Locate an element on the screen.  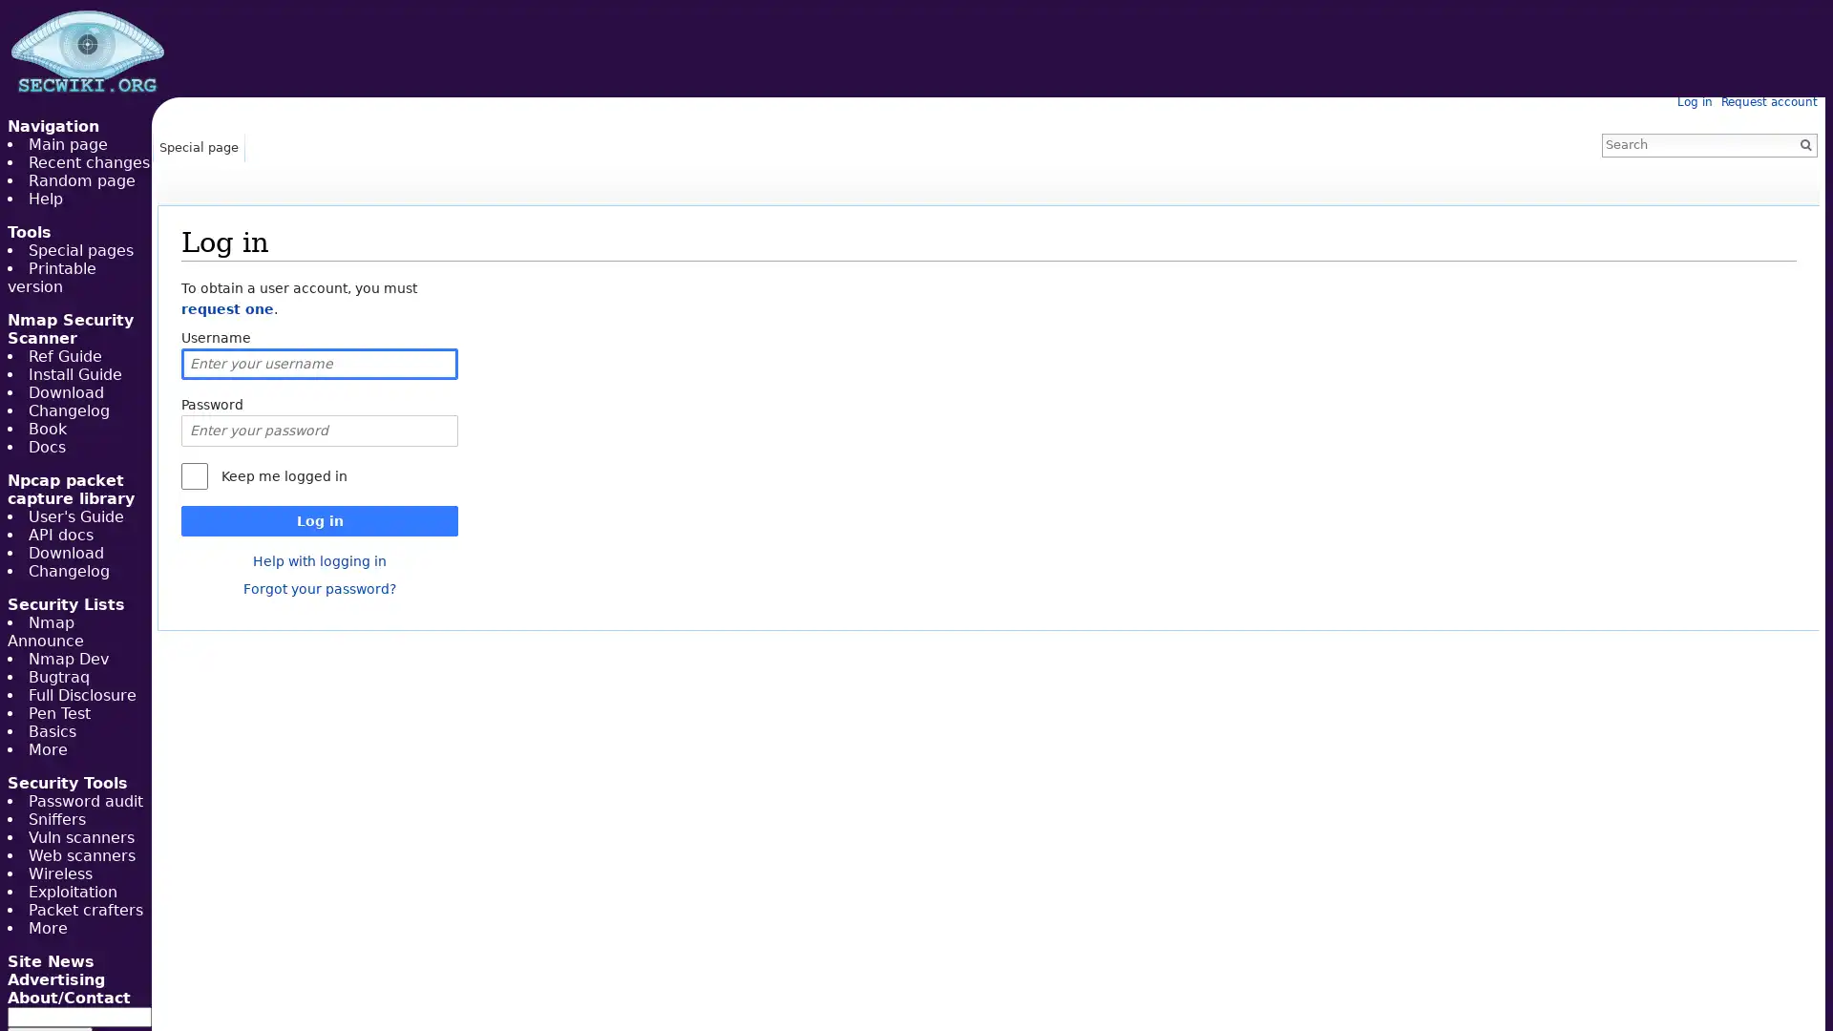
Go is located at coordinates (1804, 143).